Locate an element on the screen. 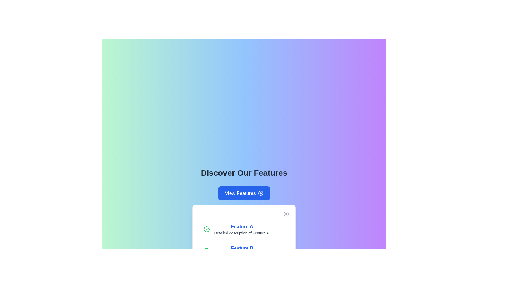 This screenshot has width=516, height=290. the text label displaying the message 'Detailed description of Feature A.' which is located beneath the 'Feature A' title is located at coordinates (242, 233).